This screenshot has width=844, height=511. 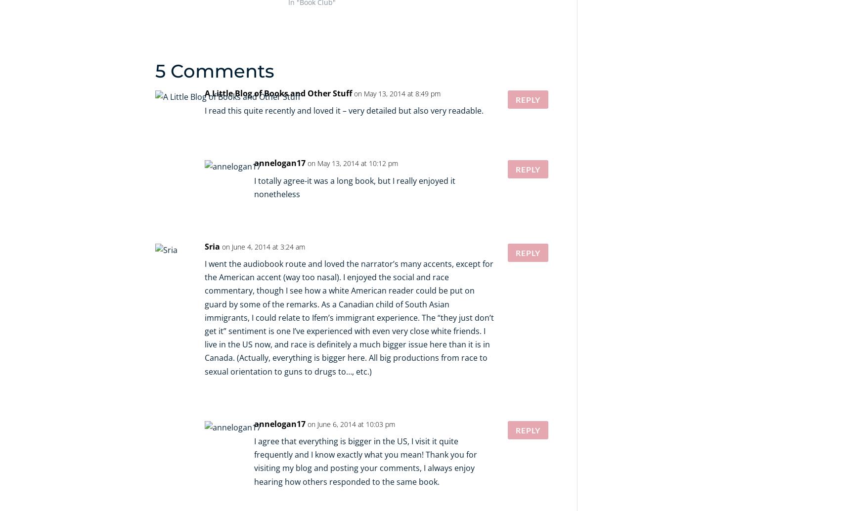 I want to click on 'I went the audiobook route and loved the narrator’s many accents, except for the American accent (way too nasal). I enjoyed the social and race commentary, though I see how a white American reader could be put on guard by some of the remarks. As a Canadian child of South Asian immigrants, I could relate to Ifem’s immigrant experience. The “they just don’t get it” sentiment is one I’ve experienced with even very close white friends. I live in the US now, and race is definitely a much bigger issue here than it is in Canada. (Actually, everything is bigger here. All big productions from race to sexual orientation to guns to drugs to…, etc.)', so click(x=349, y=317).